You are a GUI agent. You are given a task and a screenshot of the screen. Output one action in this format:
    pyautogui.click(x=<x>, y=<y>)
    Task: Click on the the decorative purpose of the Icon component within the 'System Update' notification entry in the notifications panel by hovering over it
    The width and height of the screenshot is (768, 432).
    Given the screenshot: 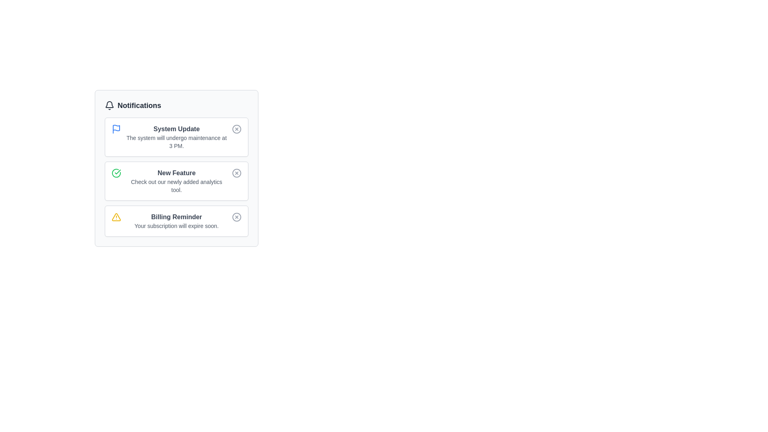 What is the action you would take?
    pyautogui.click(x=116, y=128)
    